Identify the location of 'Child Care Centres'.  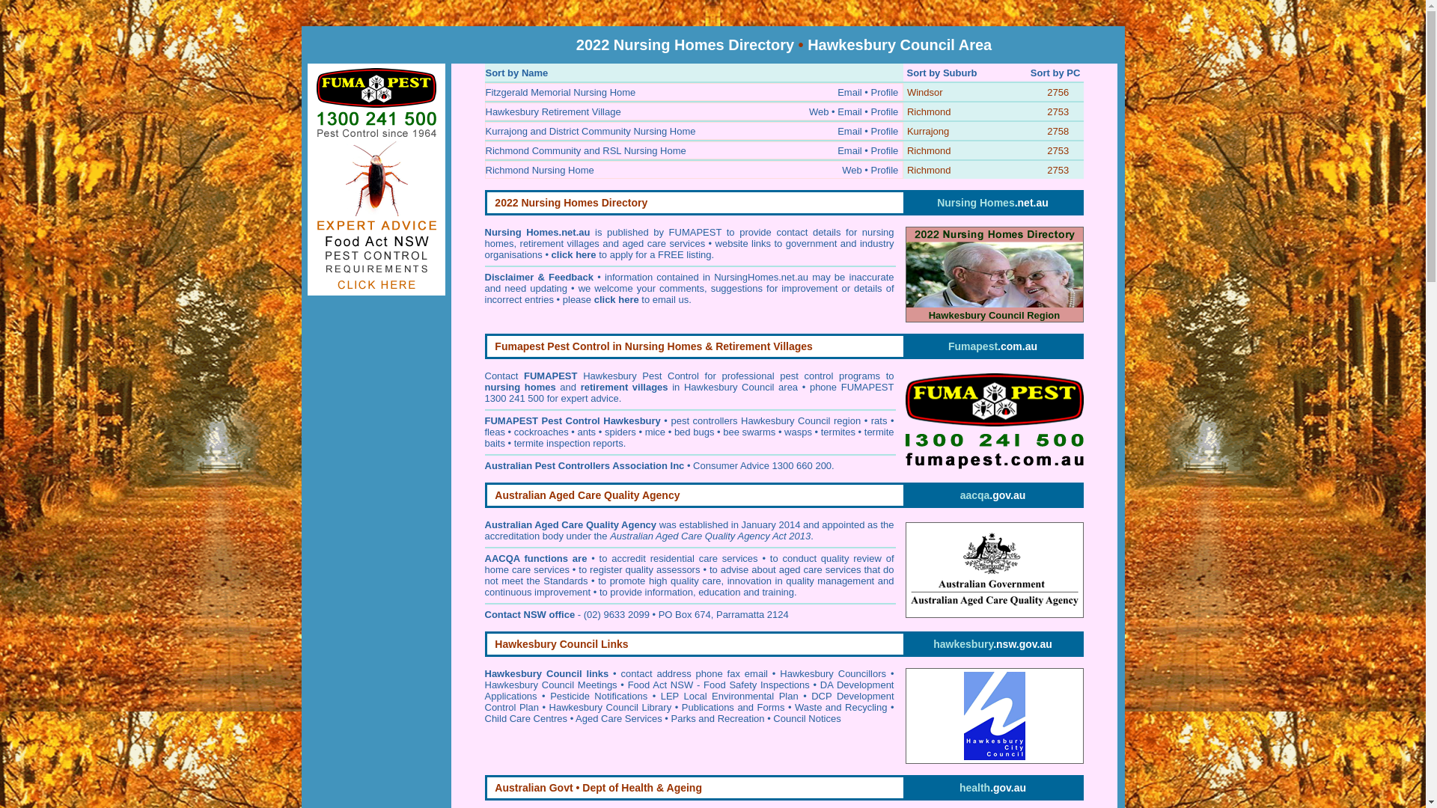
(526, 717).